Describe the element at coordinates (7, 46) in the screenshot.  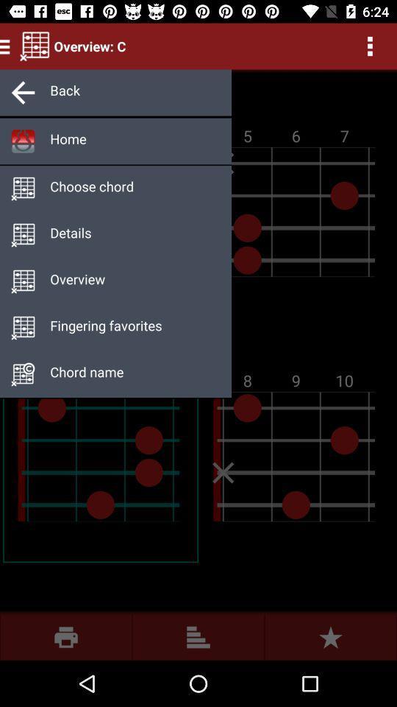
I see `the menu icon` at that location.